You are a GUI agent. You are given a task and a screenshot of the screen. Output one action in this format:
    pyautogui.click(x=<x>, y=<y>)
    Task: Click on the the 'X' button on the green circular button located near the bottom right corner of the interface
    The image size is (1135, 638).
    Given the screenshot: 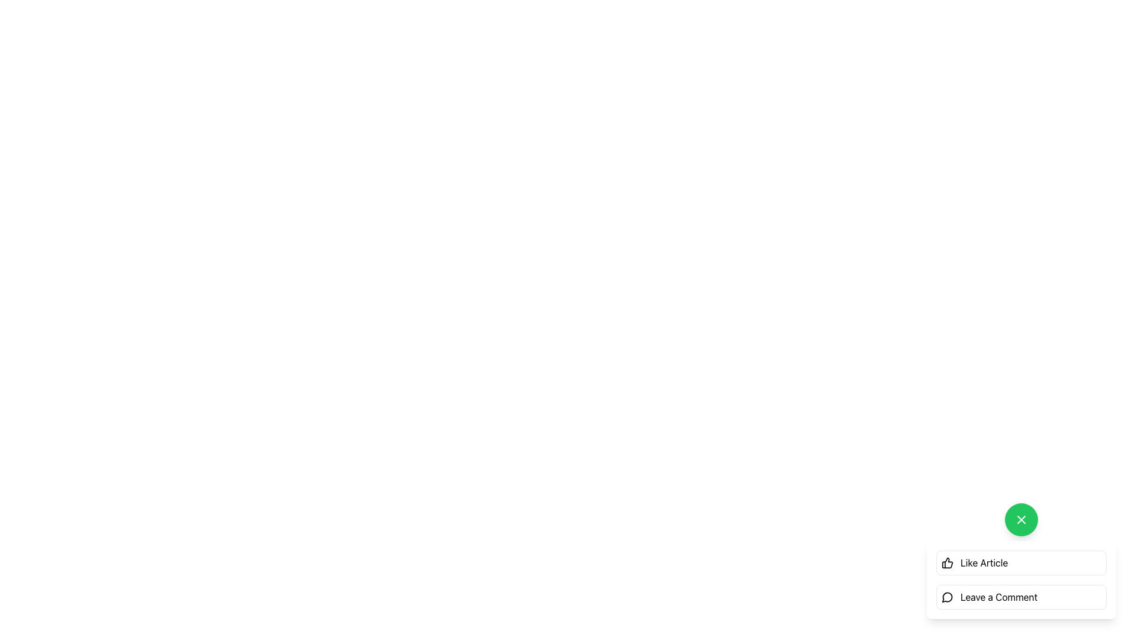 What is the action you would take?
    pyautogui.click(x=1021, y=519)
    